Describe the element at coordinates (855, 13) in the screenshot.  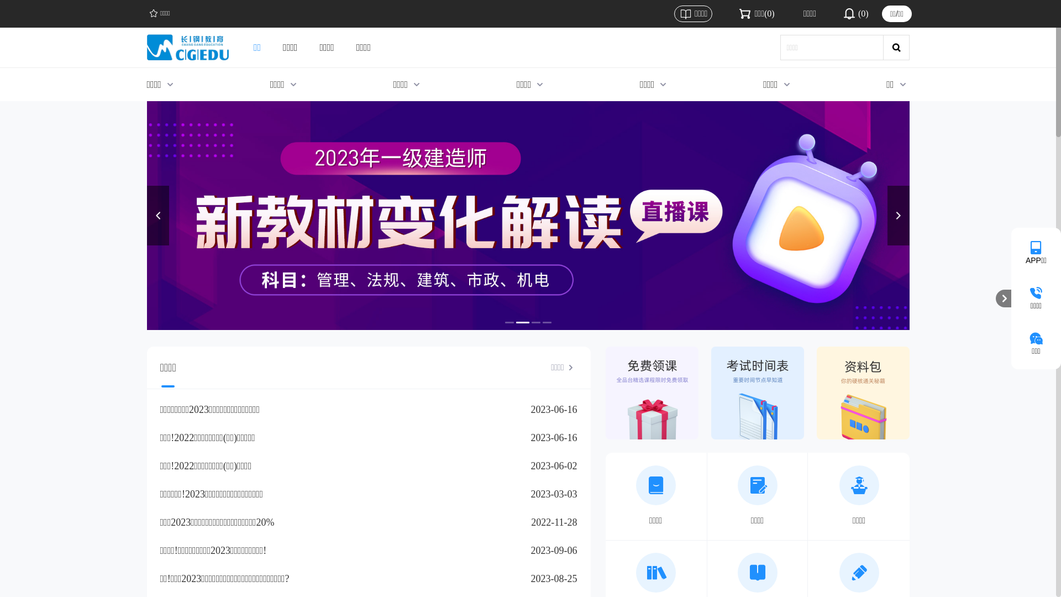
I see `'(0)'` at that location.